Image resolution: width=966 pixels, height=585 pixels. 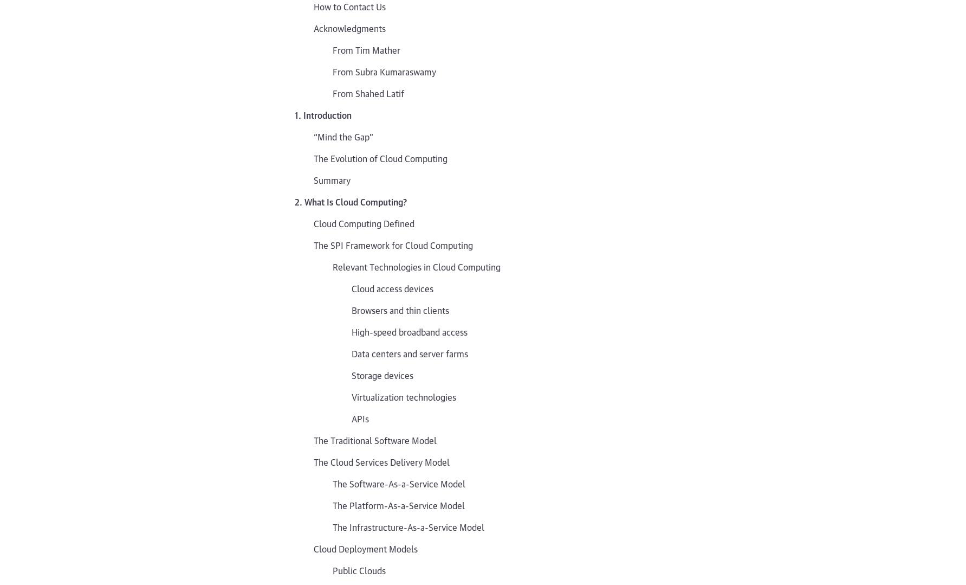 What do you see at coordinates (375, 439) in the screenshot?
I see `'The Traditional Software Model'` at bounding box center [375, 439].